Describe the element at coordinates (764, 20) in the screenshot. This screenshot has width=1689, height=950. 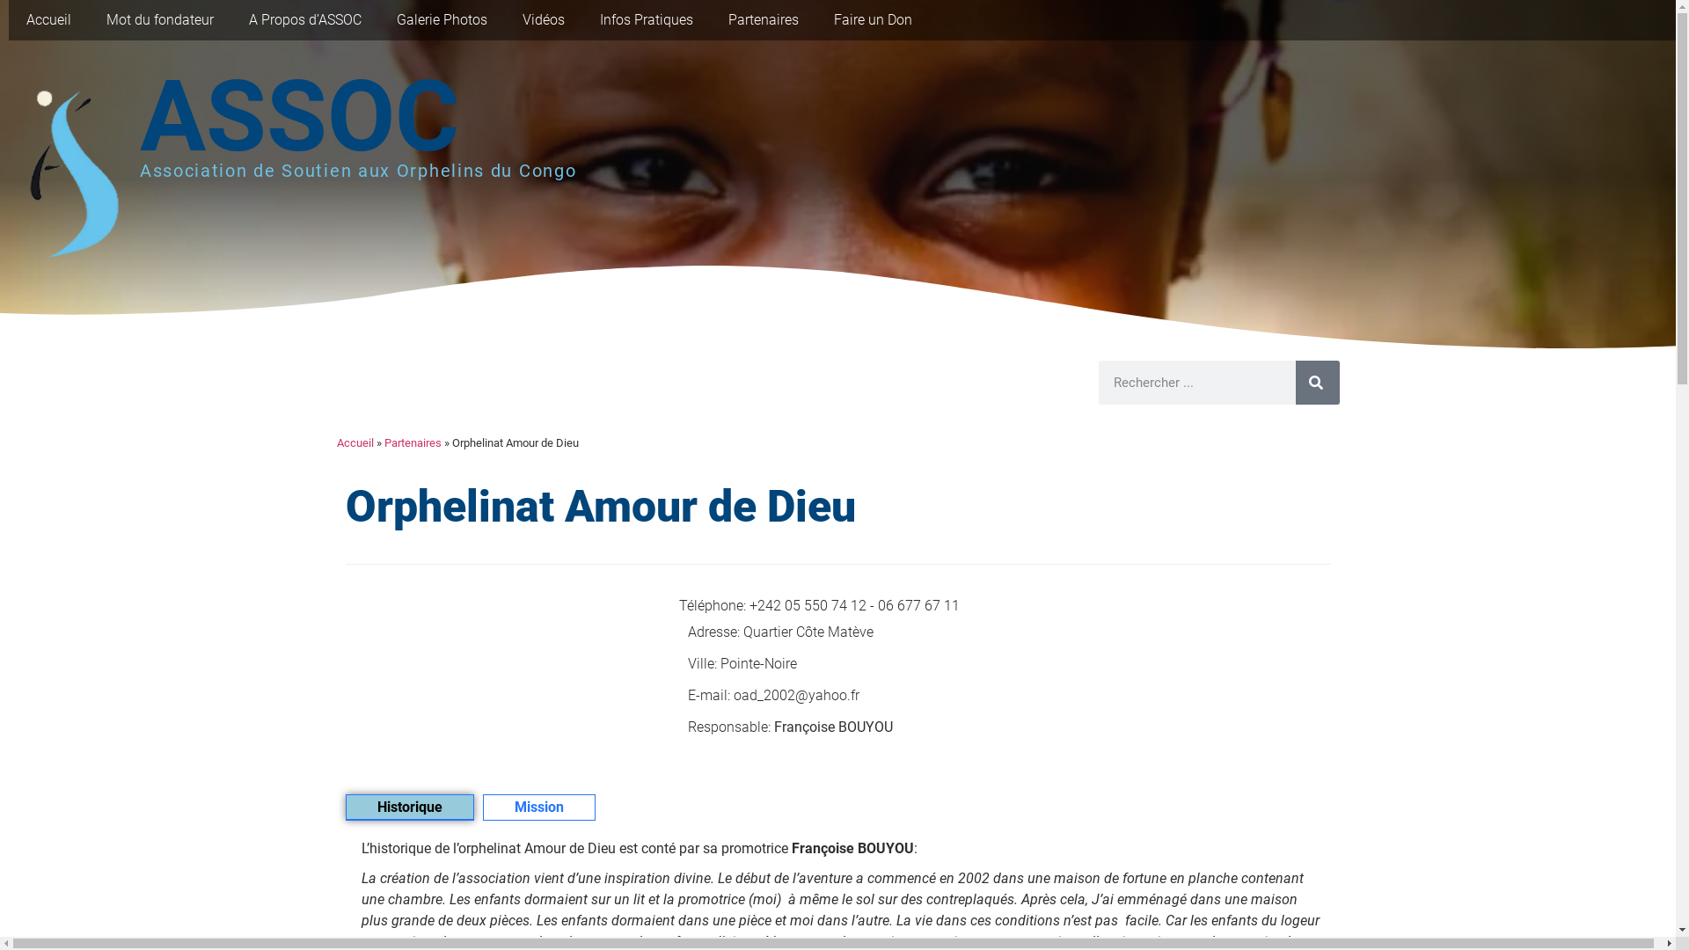
I see `'Partenaires'` at that location.